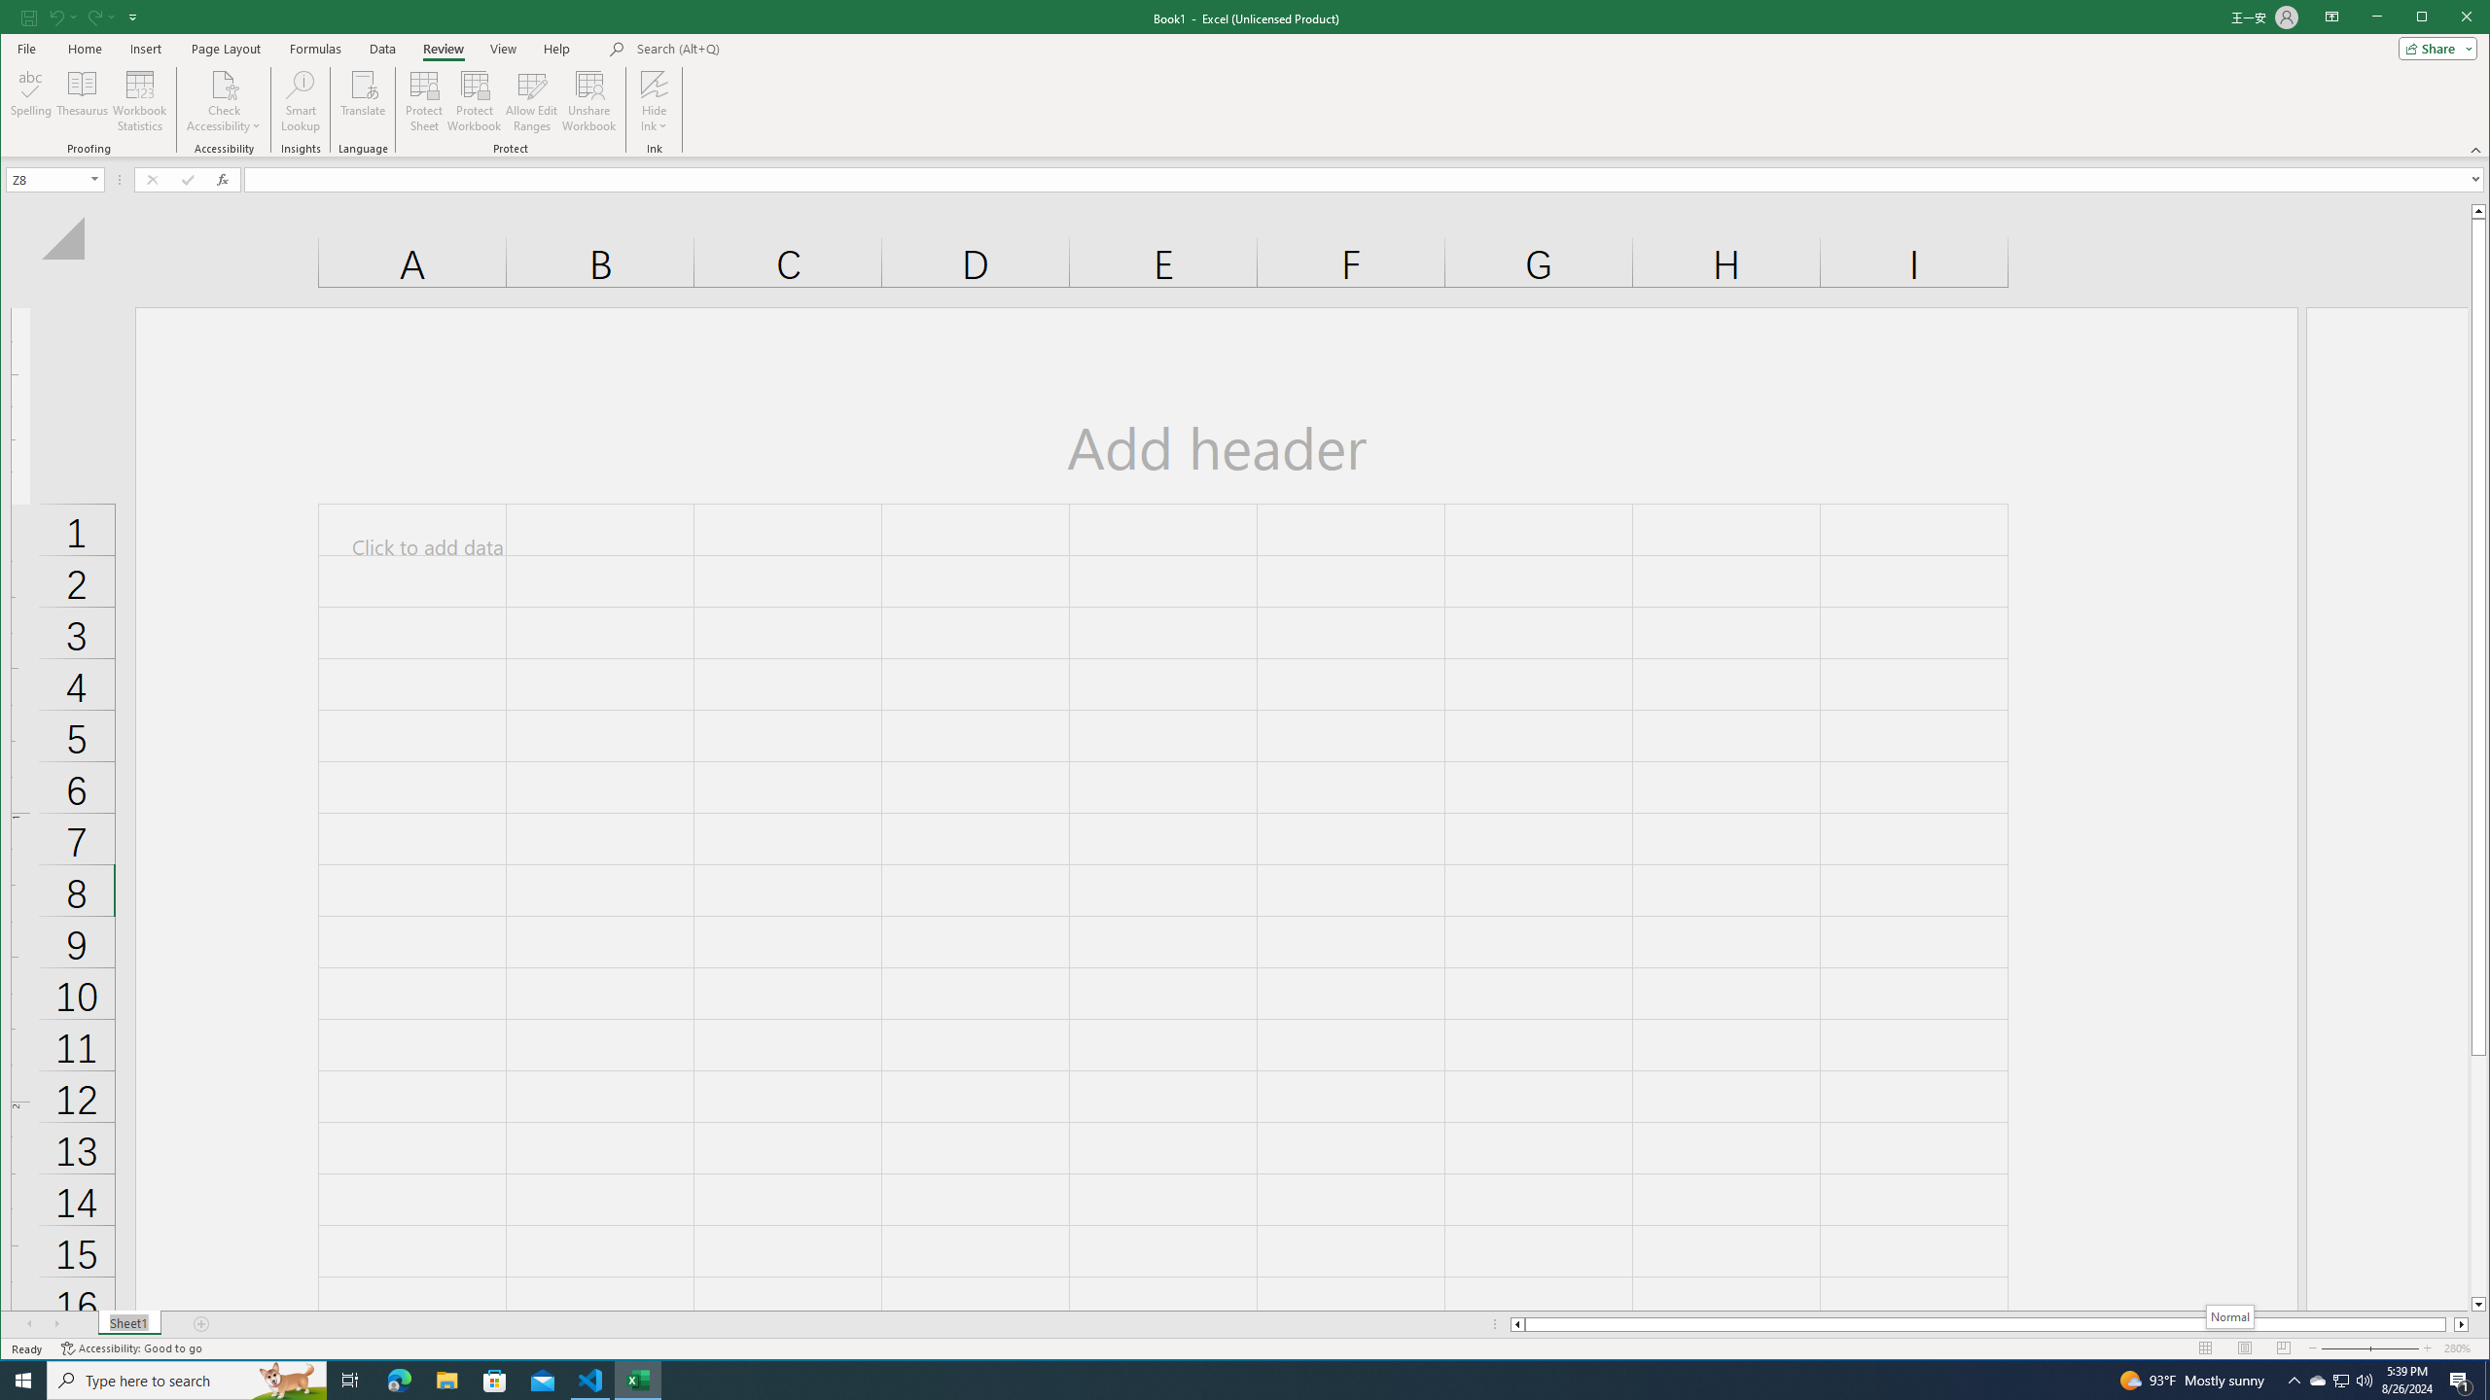 The width and height of the screenshot is (2490, 1400). Describe the element at coordinates (286, 1379) in the screenshot. I see `'Search highlights icon opens search home window'` at that location.